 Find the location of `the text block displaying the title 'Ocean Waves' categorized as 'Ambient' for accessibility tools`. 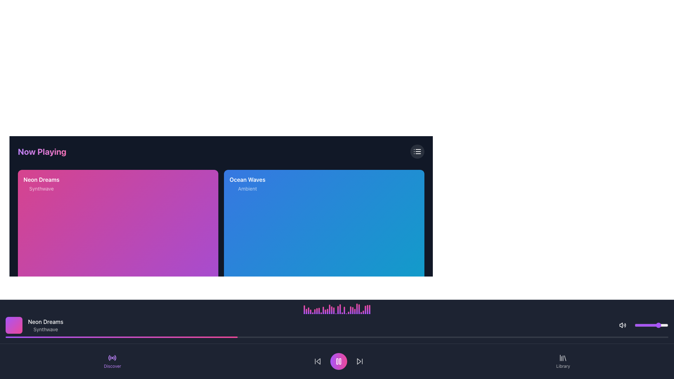

the text block displaying the title 'Ocean Waves' categorized as 'Ambient' for accessibility tools is located at coordinates (324, 184).